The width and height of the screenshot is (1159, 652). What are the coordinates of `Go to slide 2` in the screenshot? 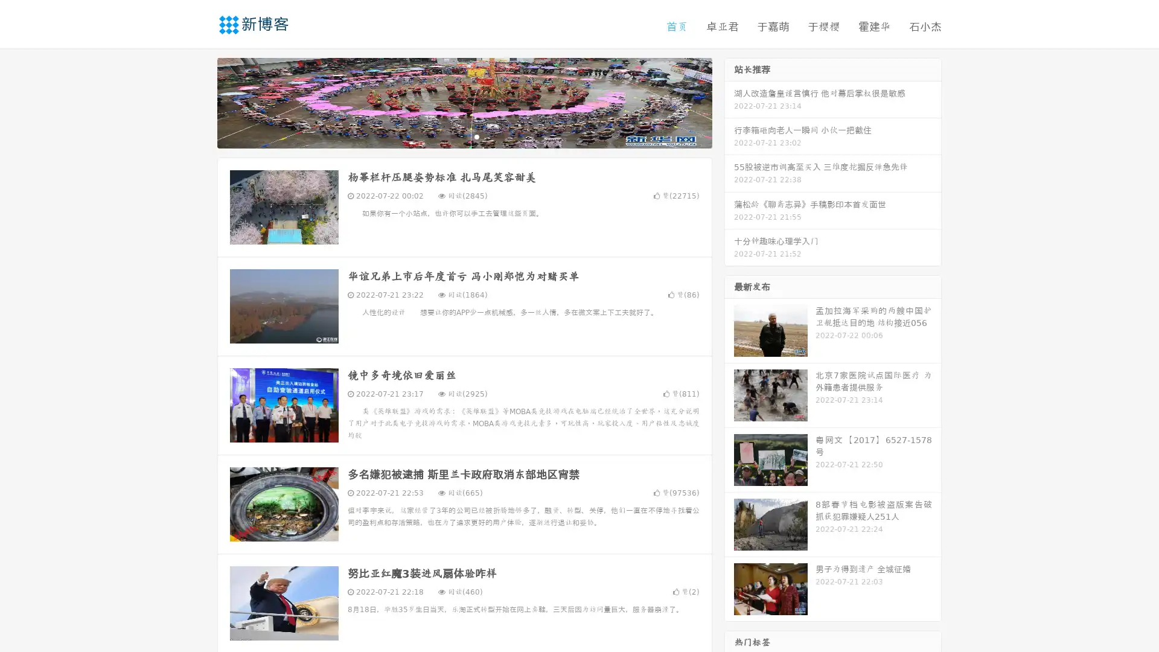 It's located at (464, 136).